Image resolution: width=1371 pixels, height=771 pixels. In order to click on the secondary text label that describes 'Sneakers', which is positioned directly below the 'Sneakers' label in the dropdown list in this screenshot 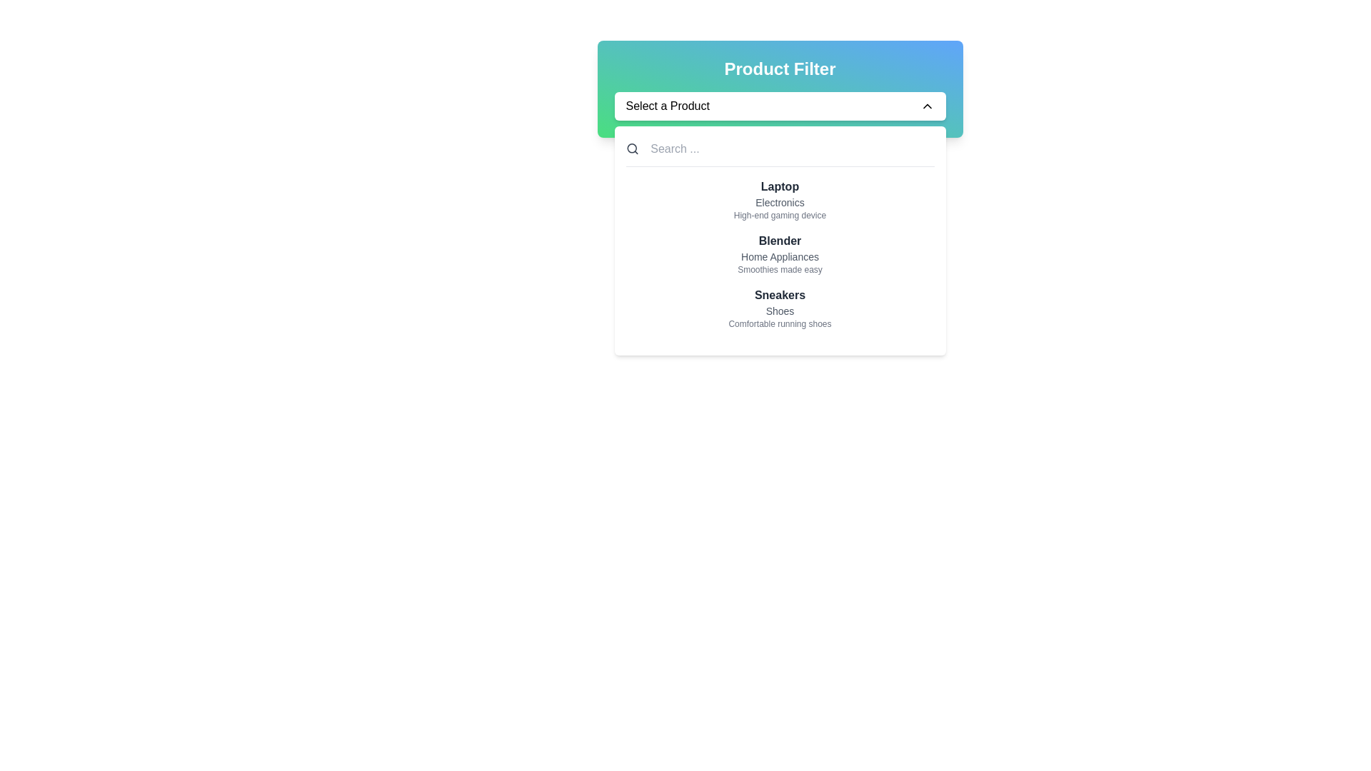, I will do `click(779, 310)`.